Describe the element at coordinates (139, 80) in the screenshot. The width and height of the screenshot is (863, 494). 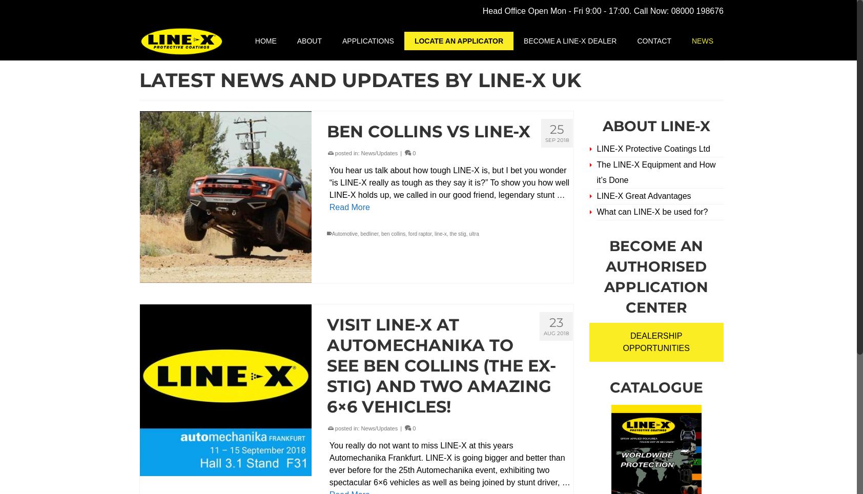
I see `'Latest News and Updates by LINE-X UK'` at that location.